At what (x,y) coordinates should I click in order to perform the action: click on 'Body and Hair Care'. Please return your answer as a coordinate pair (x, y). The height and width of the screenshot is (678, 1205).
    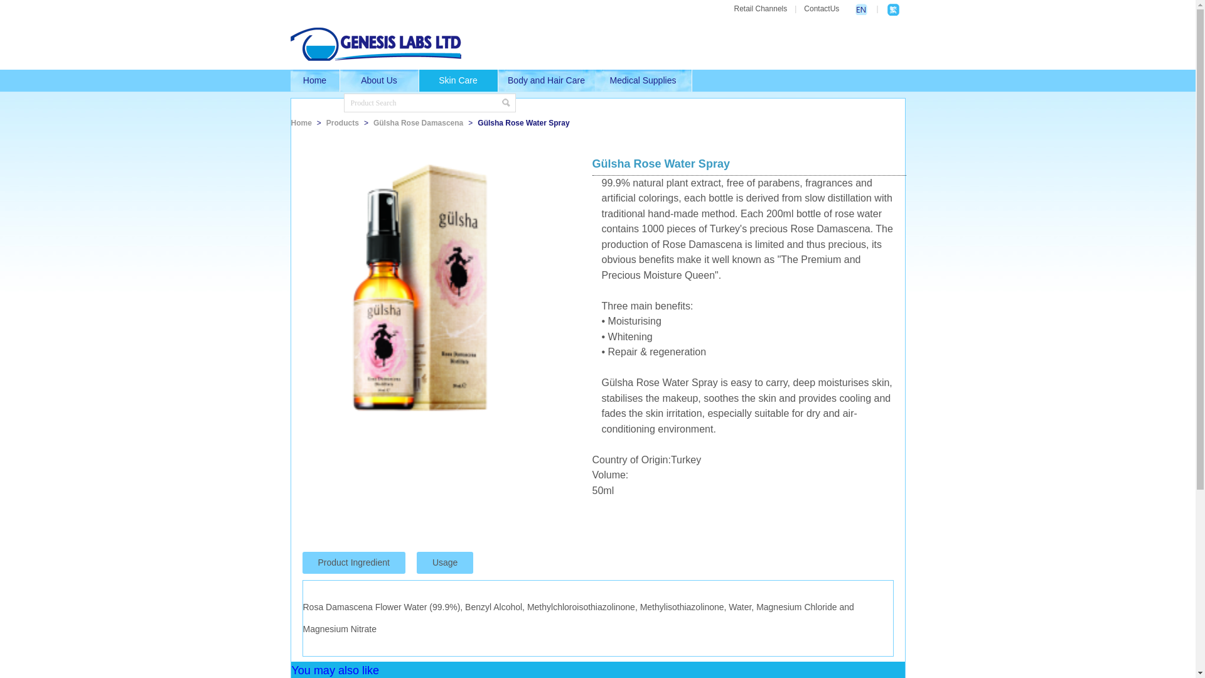
    Looking at the image, I should click on (497, 80).